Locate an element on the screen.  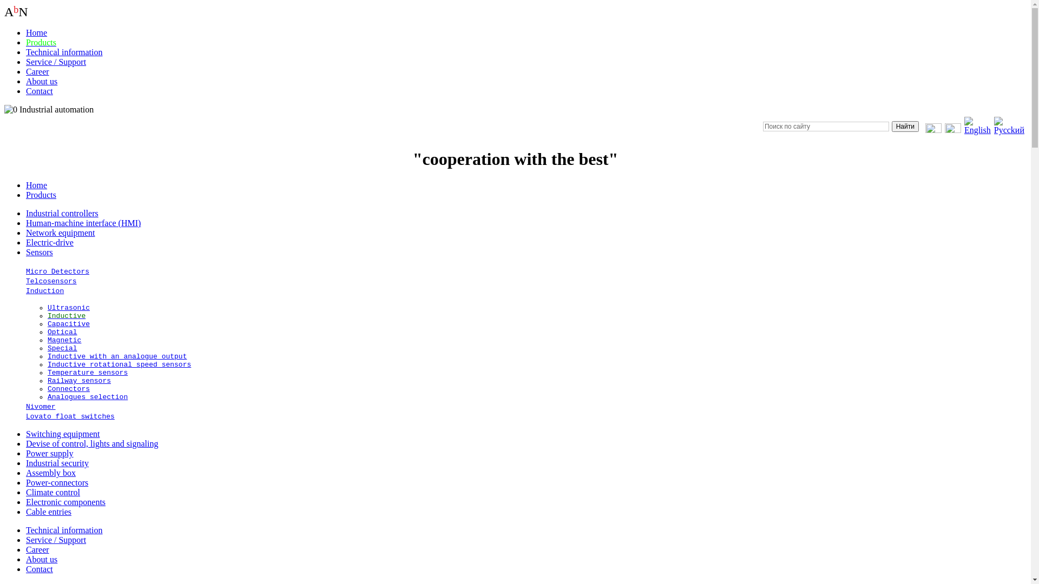
'Analogues selection' is located at coordinates (47, 397).